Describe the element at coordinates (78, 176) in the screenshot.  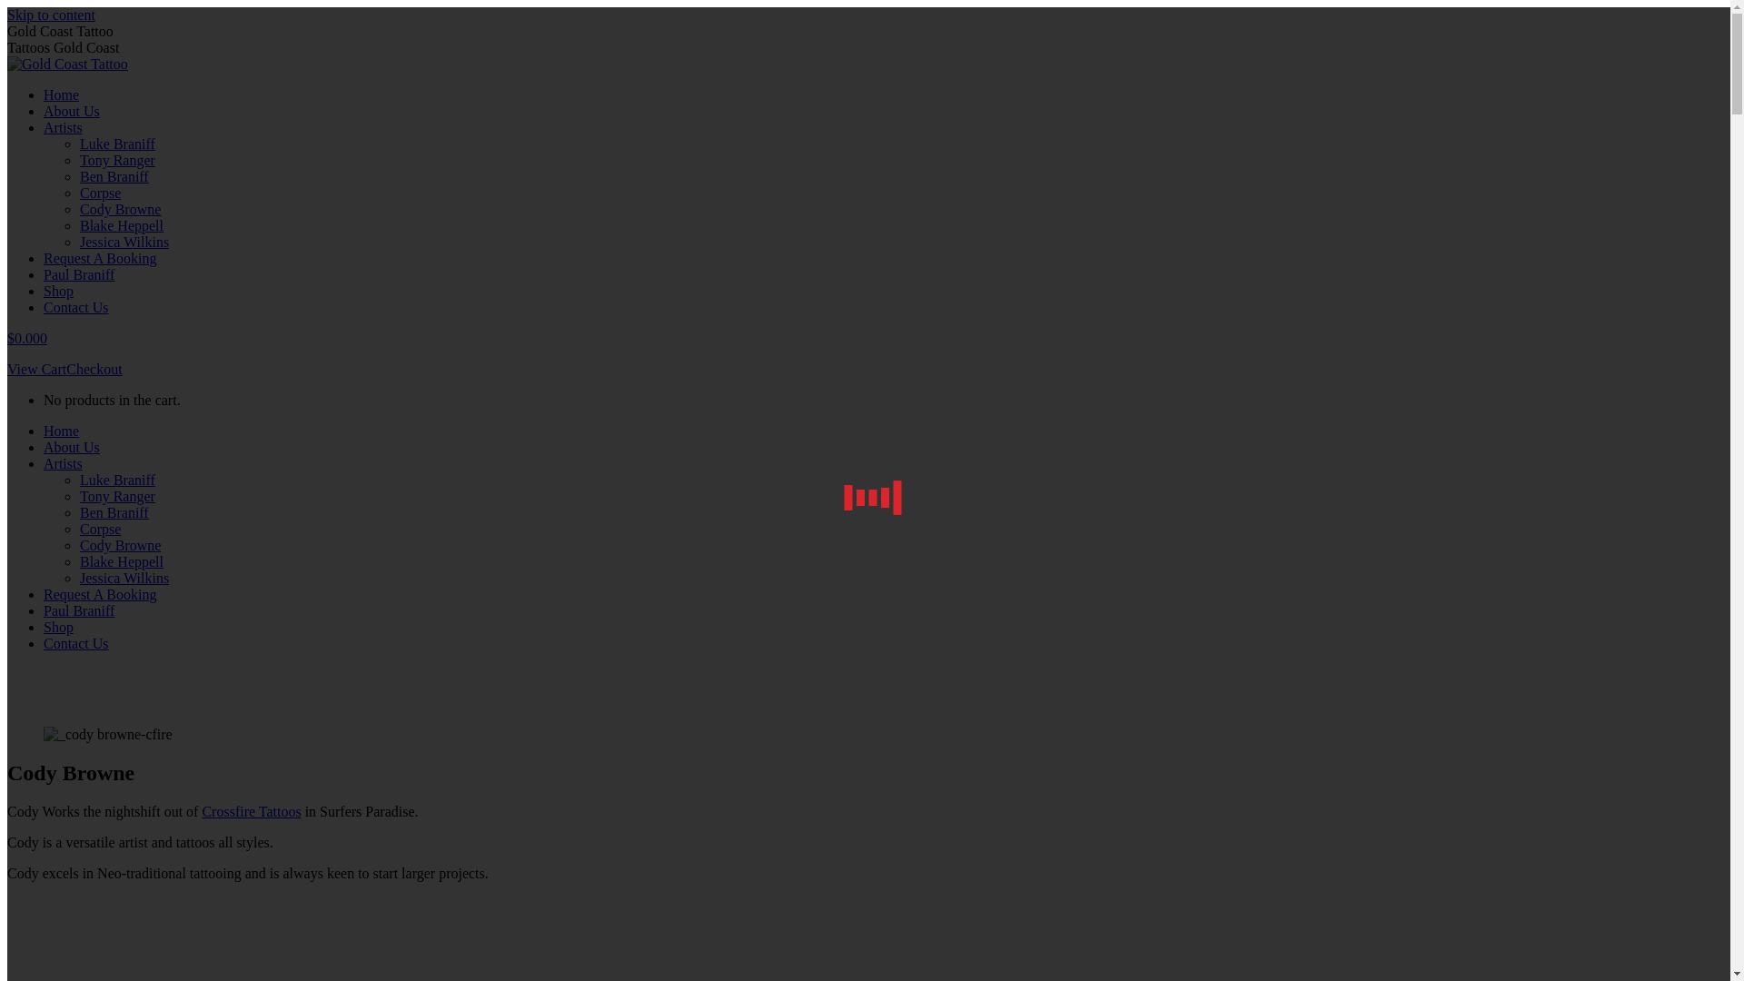
I see `'Ben Braniff'` at that location.